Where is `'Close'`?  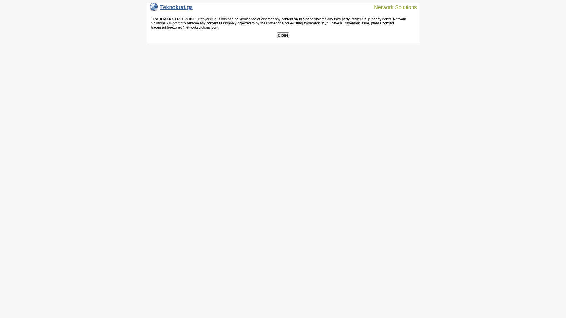
'Close' is located at coordinates (283, 35).